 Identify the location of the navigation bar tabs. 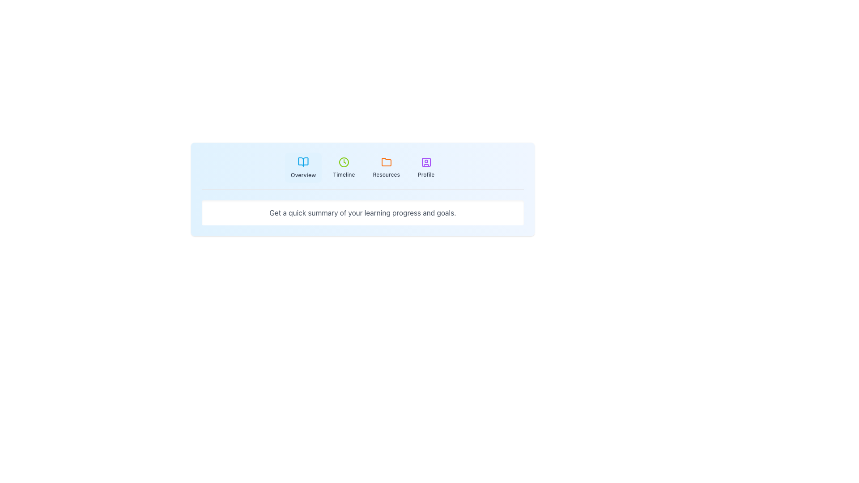
(363, 171).